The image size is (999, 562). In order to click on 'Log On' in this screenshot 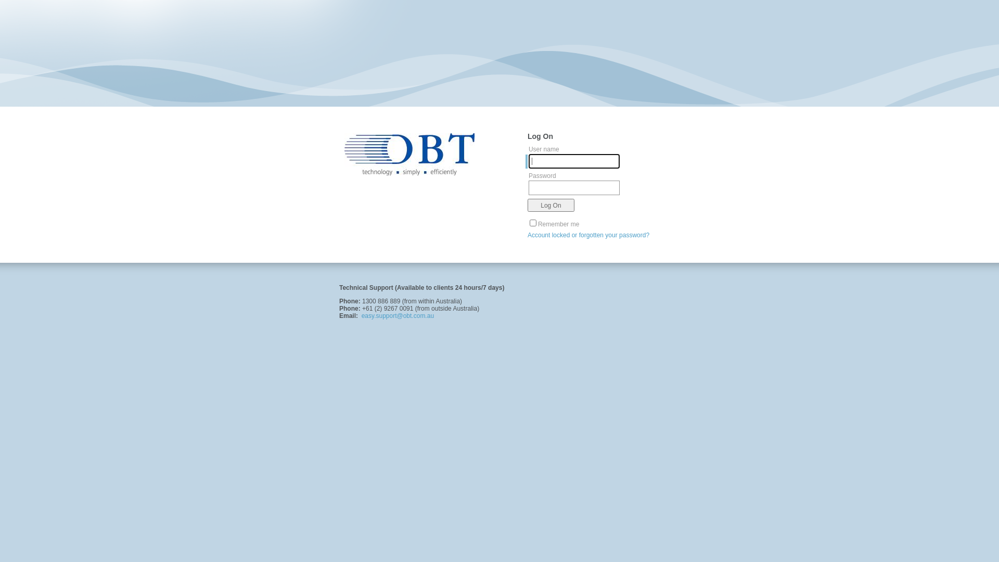, I will do `click(550, 205)`.